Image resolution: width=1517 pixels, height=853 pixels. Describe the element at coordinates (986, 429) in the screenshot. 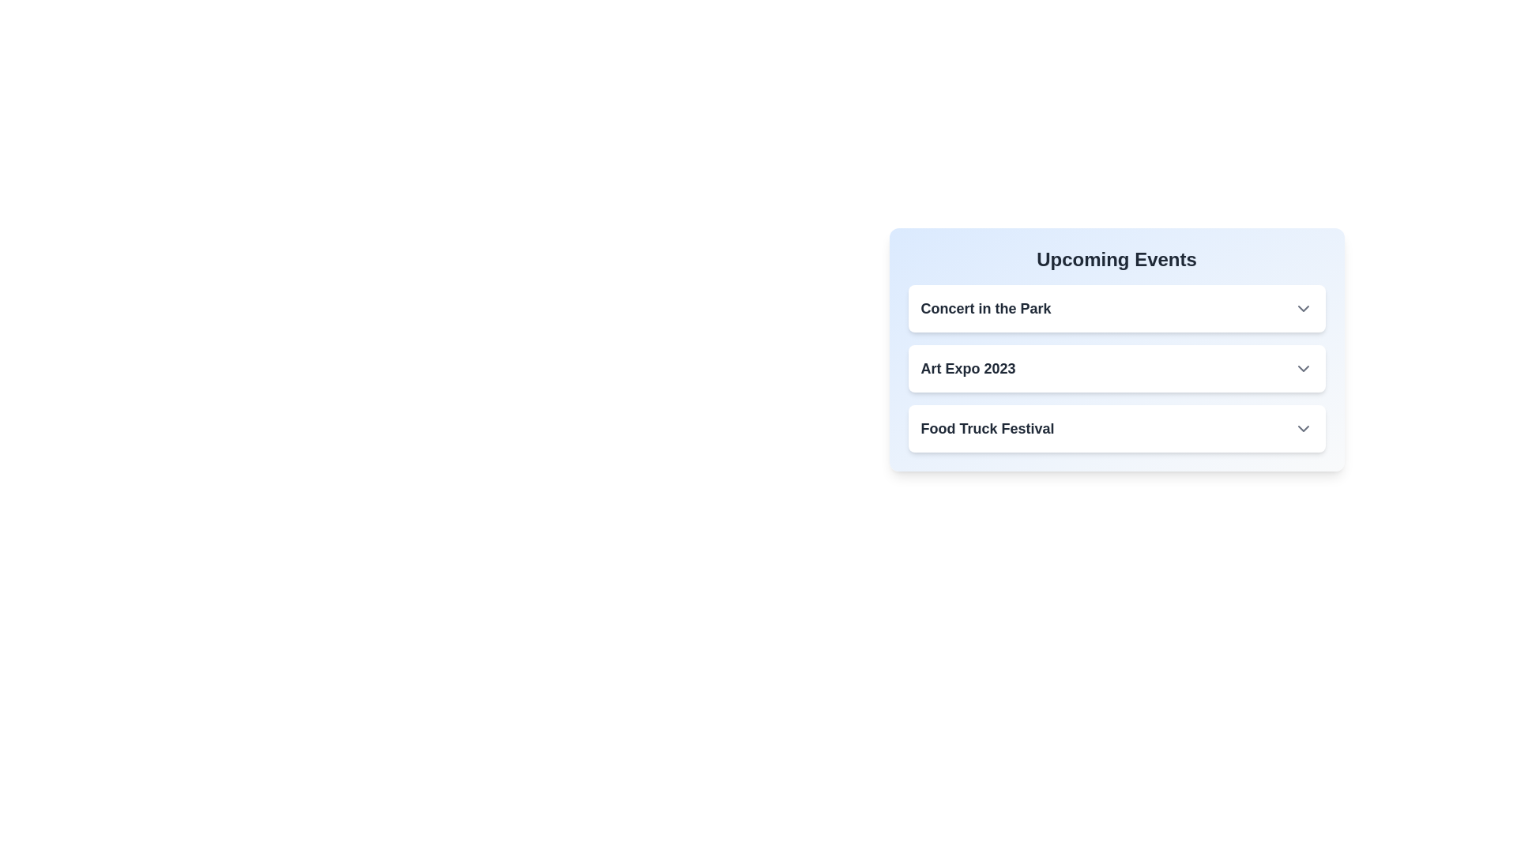

I see `the event title Food Truck Festival to toggle its expanded state` at that location.